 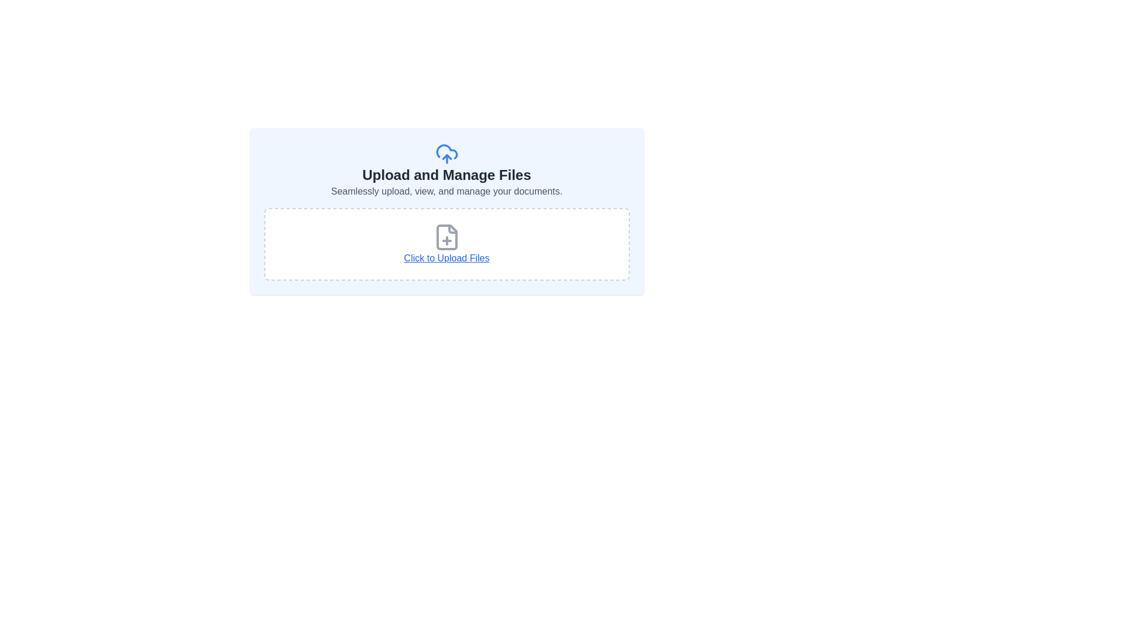 What do you see at coordinates (446, 257) in the screenshot?
I see `the text link that allows users to upload files, located centrally below a file upload icon` at bounding box center [446, 257].